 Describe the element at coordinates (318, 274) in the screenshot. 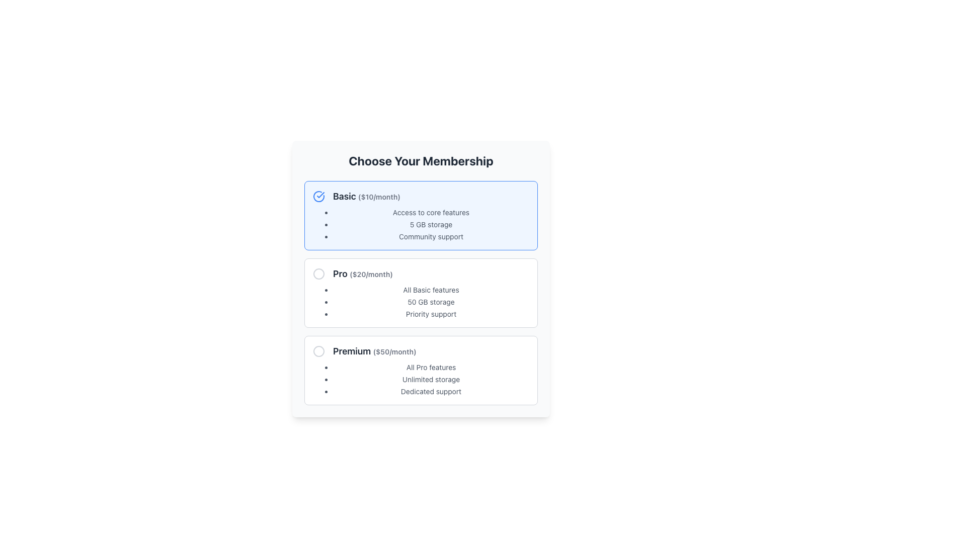

I see `the SVG Circle that indicates the selection status of the 'Pro' membership option, located centrally within the 'Pro' membership section` at that location.